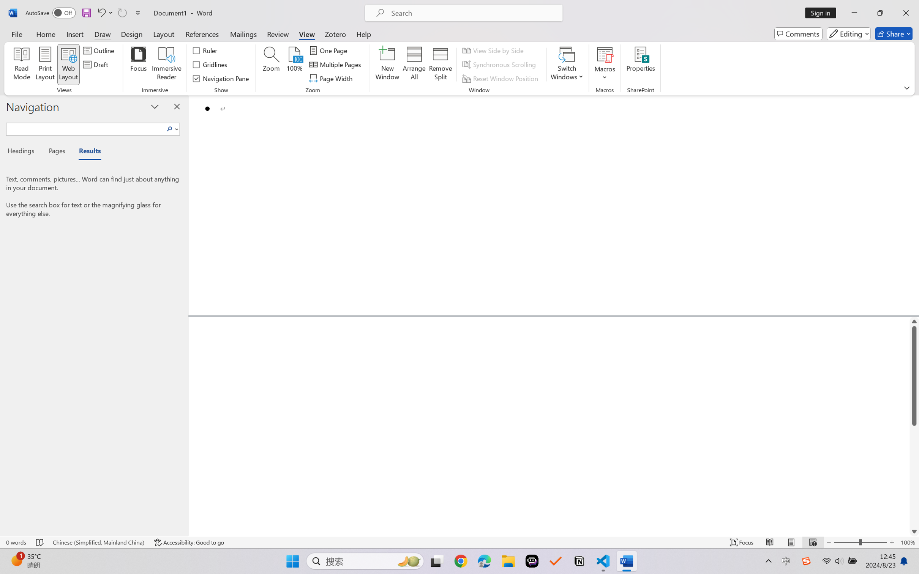 Image resolution: width=919 pixels, height=574 pixels. Describe the element at coordinates (567, 65) in the screenshot. I see `'Switch Windows'` at that location.